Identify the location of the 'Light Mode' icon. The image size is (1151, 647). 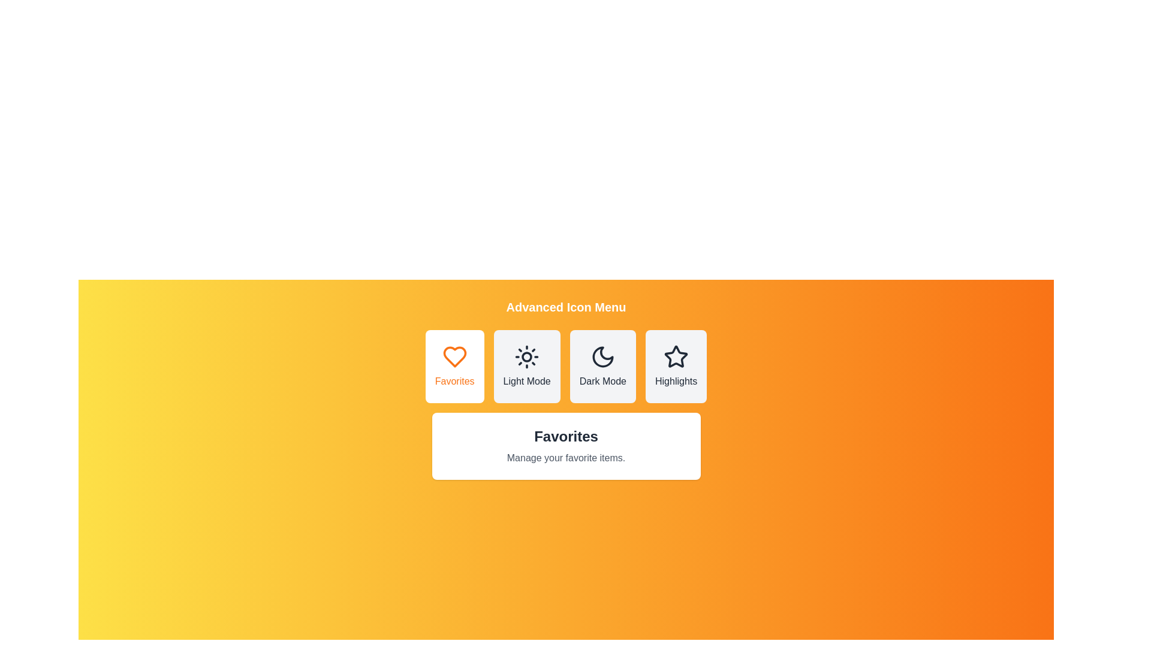
(527, 356).